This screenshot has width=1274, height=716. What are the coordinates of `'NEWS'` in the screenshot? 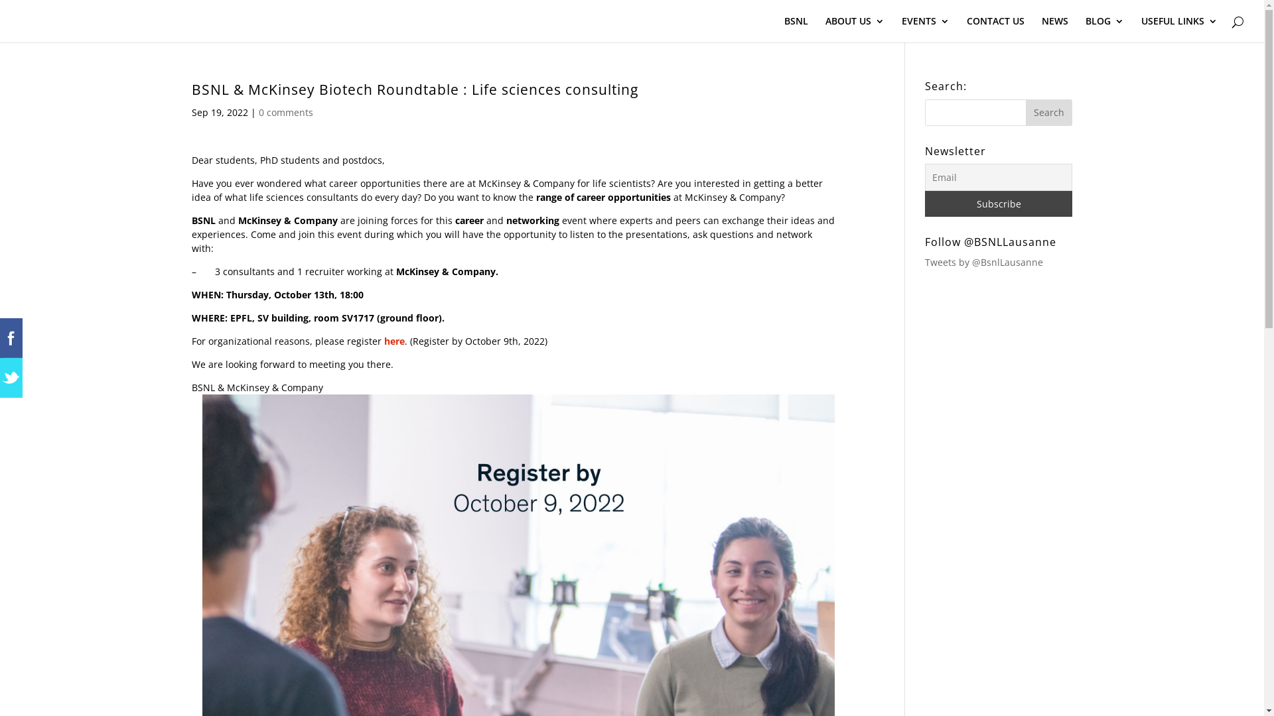 It's located at (1054, 29).